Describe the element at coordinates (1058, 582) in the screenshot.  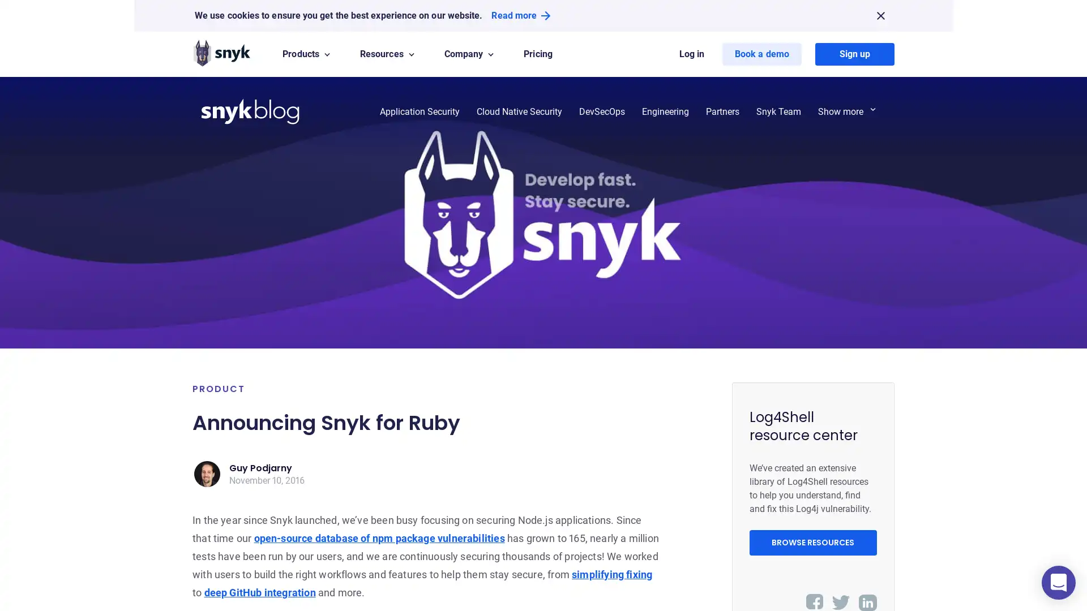
I see `Open Intercom Messenger` at that location.